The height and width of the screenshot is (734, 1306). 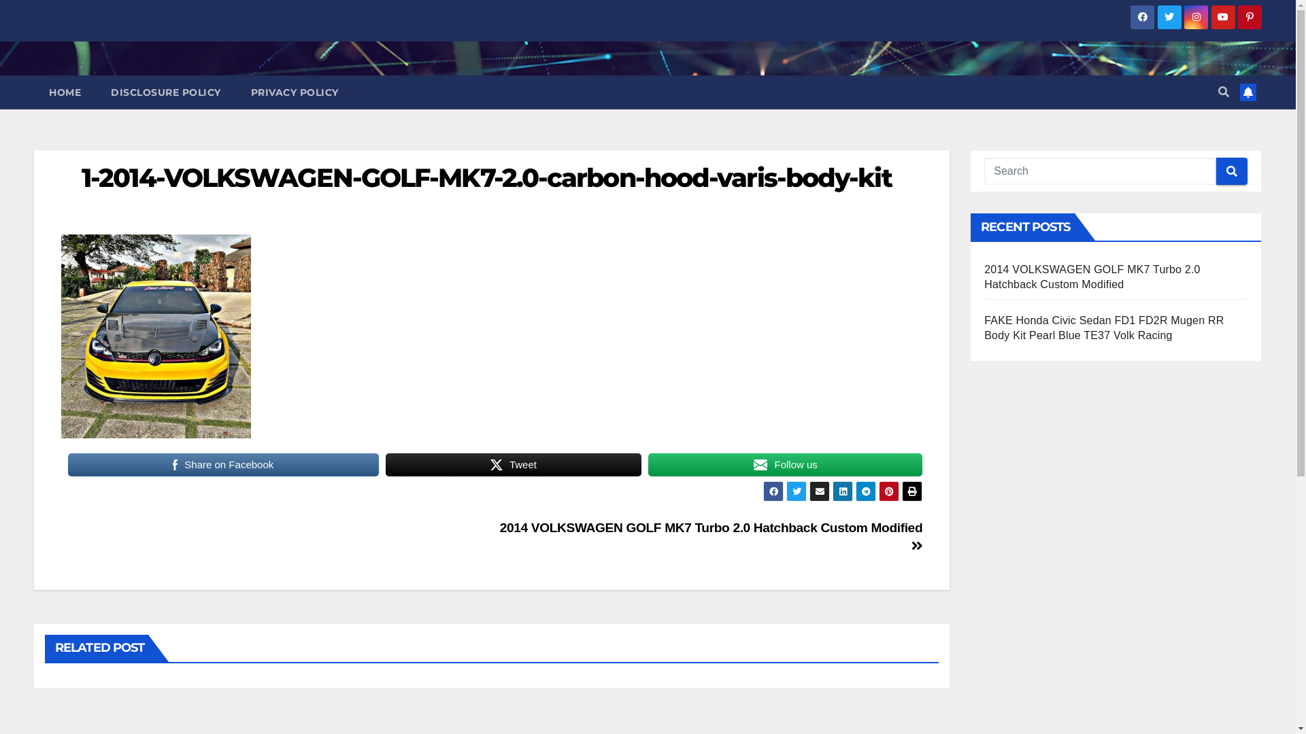 I want to click on 'Follow us', so click(x=785, y=464).